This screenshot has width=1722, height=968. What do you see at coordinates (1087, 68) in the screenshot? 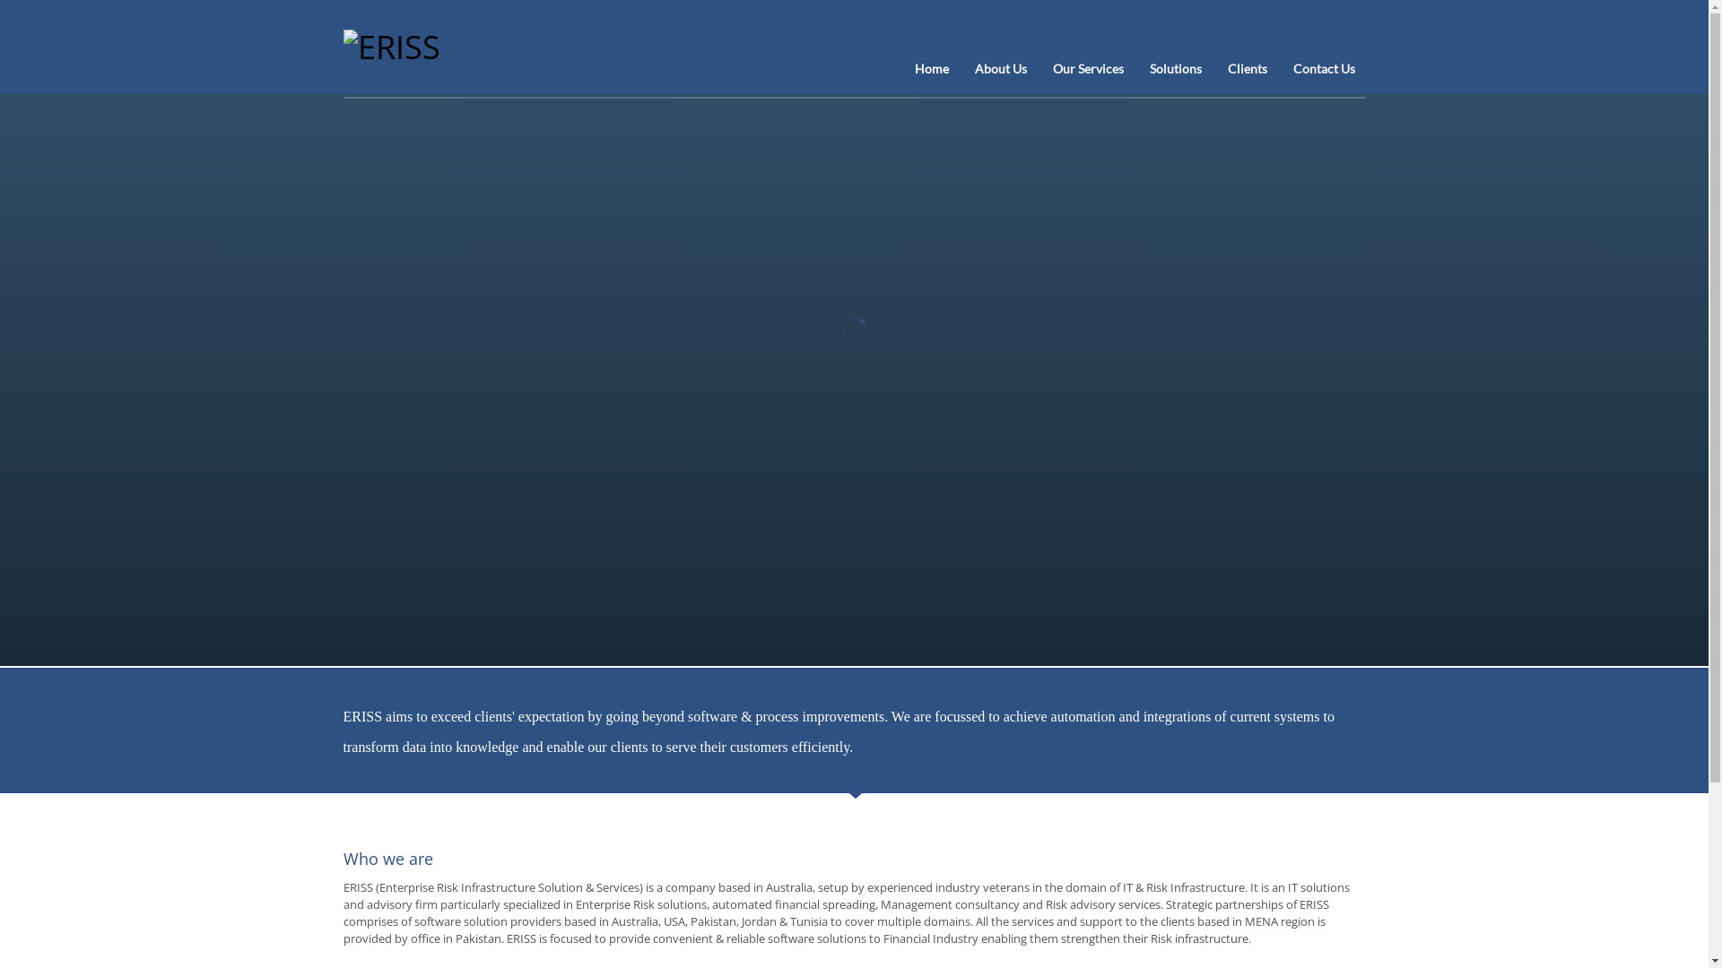
I see `'Our Services'` at bounding box center [1087, 68].